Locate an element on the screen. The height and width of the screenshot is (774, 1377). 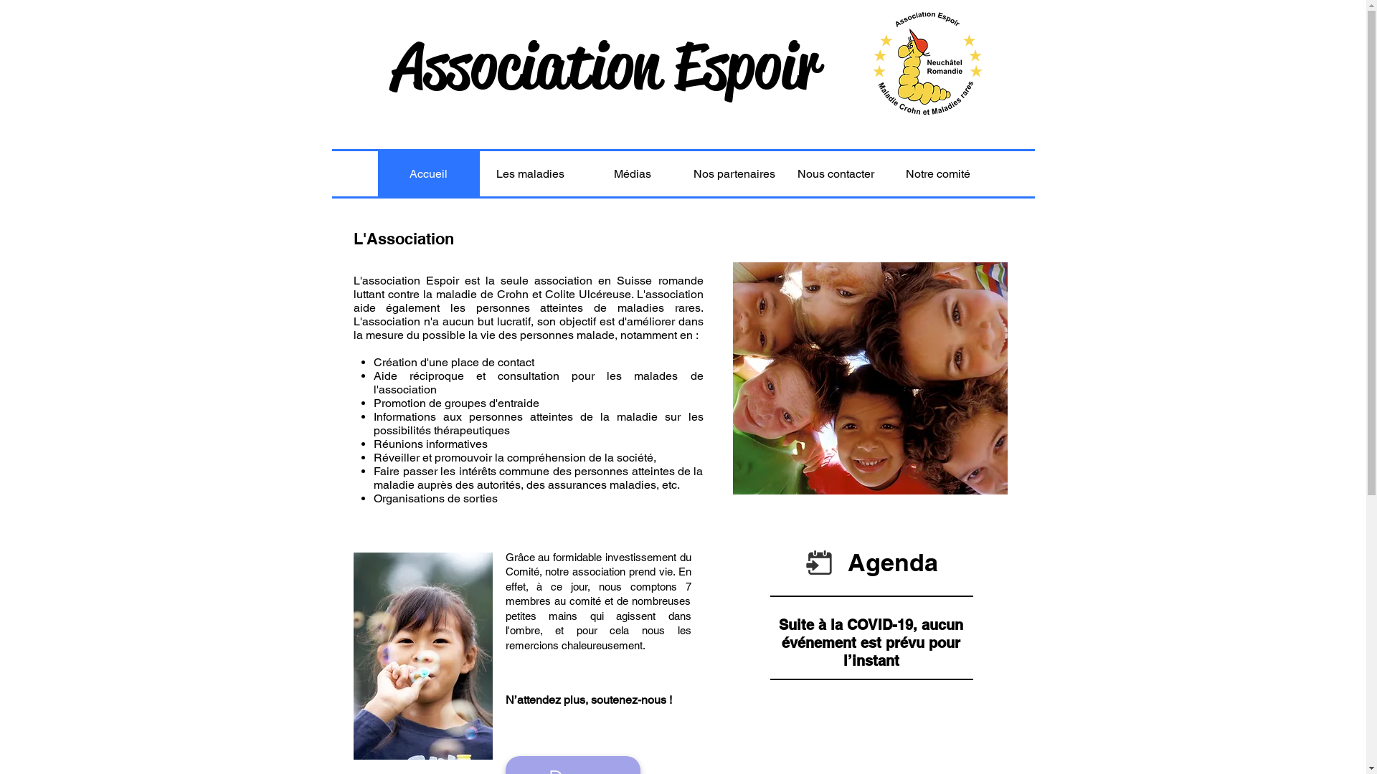
'Fille bulles gonflant' is located at coordinates (422, 656).